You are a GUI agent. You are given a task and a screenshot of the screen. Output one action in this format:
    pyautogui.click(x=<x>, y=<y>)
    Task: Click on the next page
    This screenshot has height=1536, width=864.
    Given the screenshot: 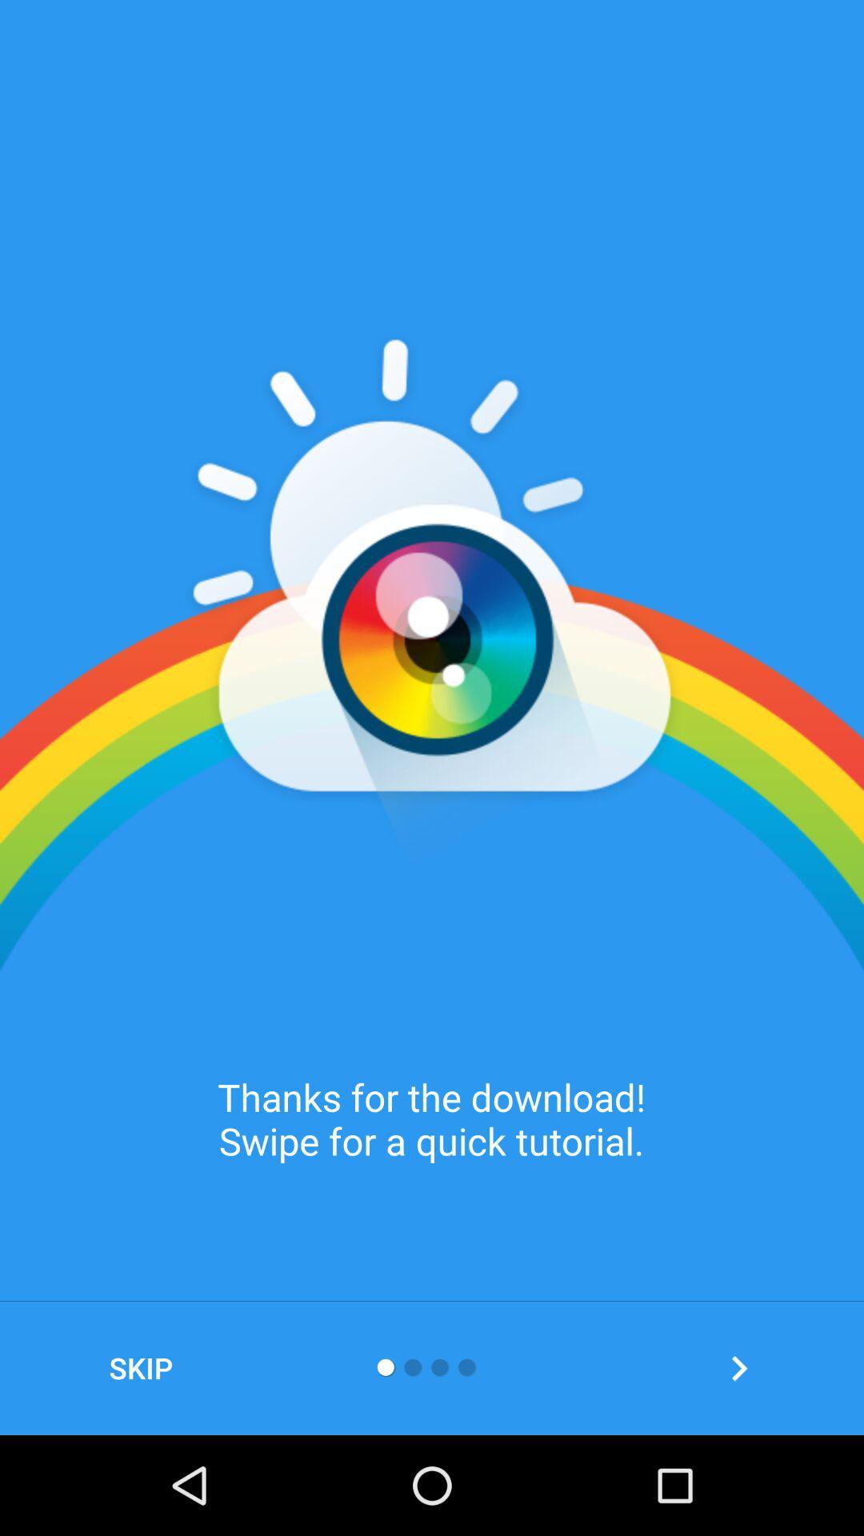 What is the action you would take?
    pyautogui.click(x=739, y=1367)
    